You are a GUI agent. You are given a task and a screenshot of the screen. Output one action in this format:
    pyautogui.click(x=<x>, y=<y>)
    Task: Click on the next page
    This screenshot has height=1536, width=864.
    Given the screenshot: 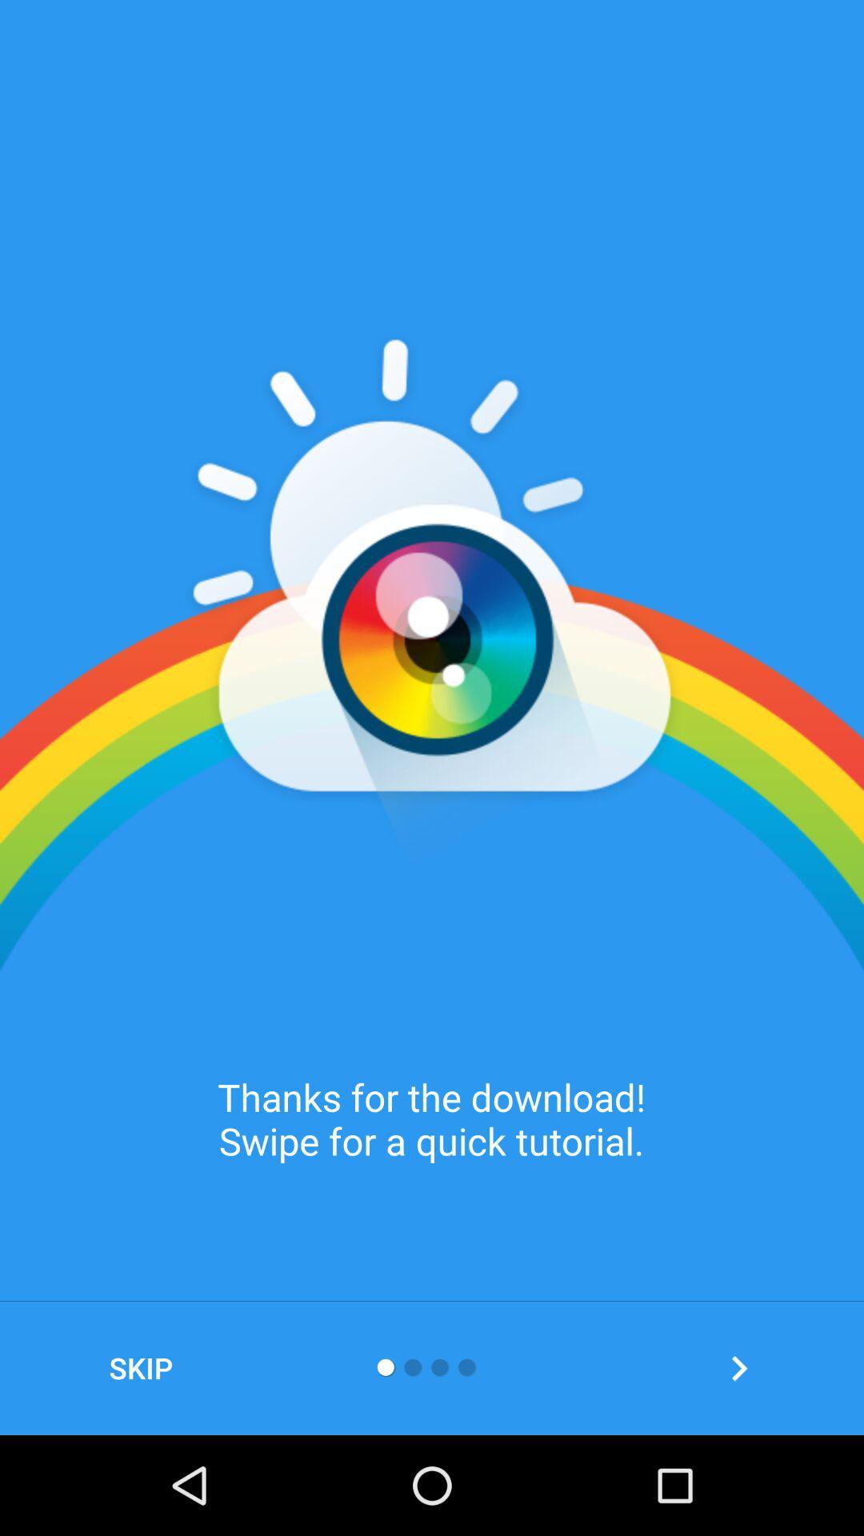 What is the action you would take?
    pyautogui.click(x=739, y=1367)
    